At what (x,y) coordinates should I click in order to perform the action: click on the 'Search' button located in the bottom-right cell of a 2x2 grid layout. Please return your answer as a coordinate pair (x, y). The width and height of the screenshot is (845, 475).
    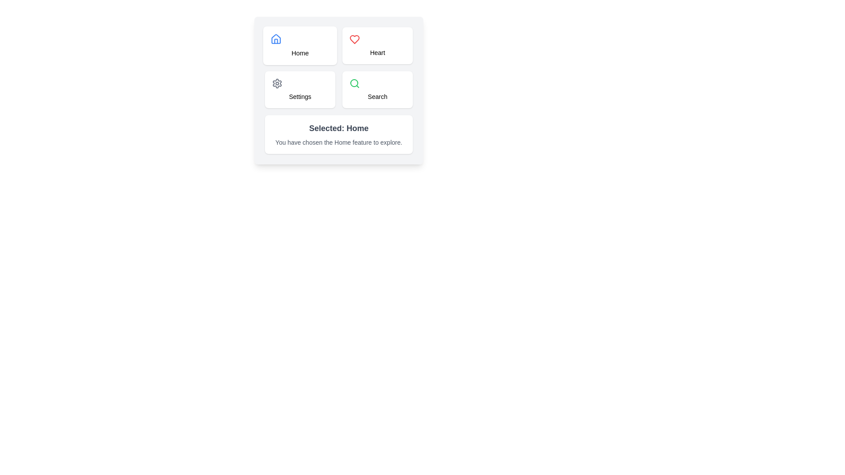
    Looking at the image, I should click on (378, 90).